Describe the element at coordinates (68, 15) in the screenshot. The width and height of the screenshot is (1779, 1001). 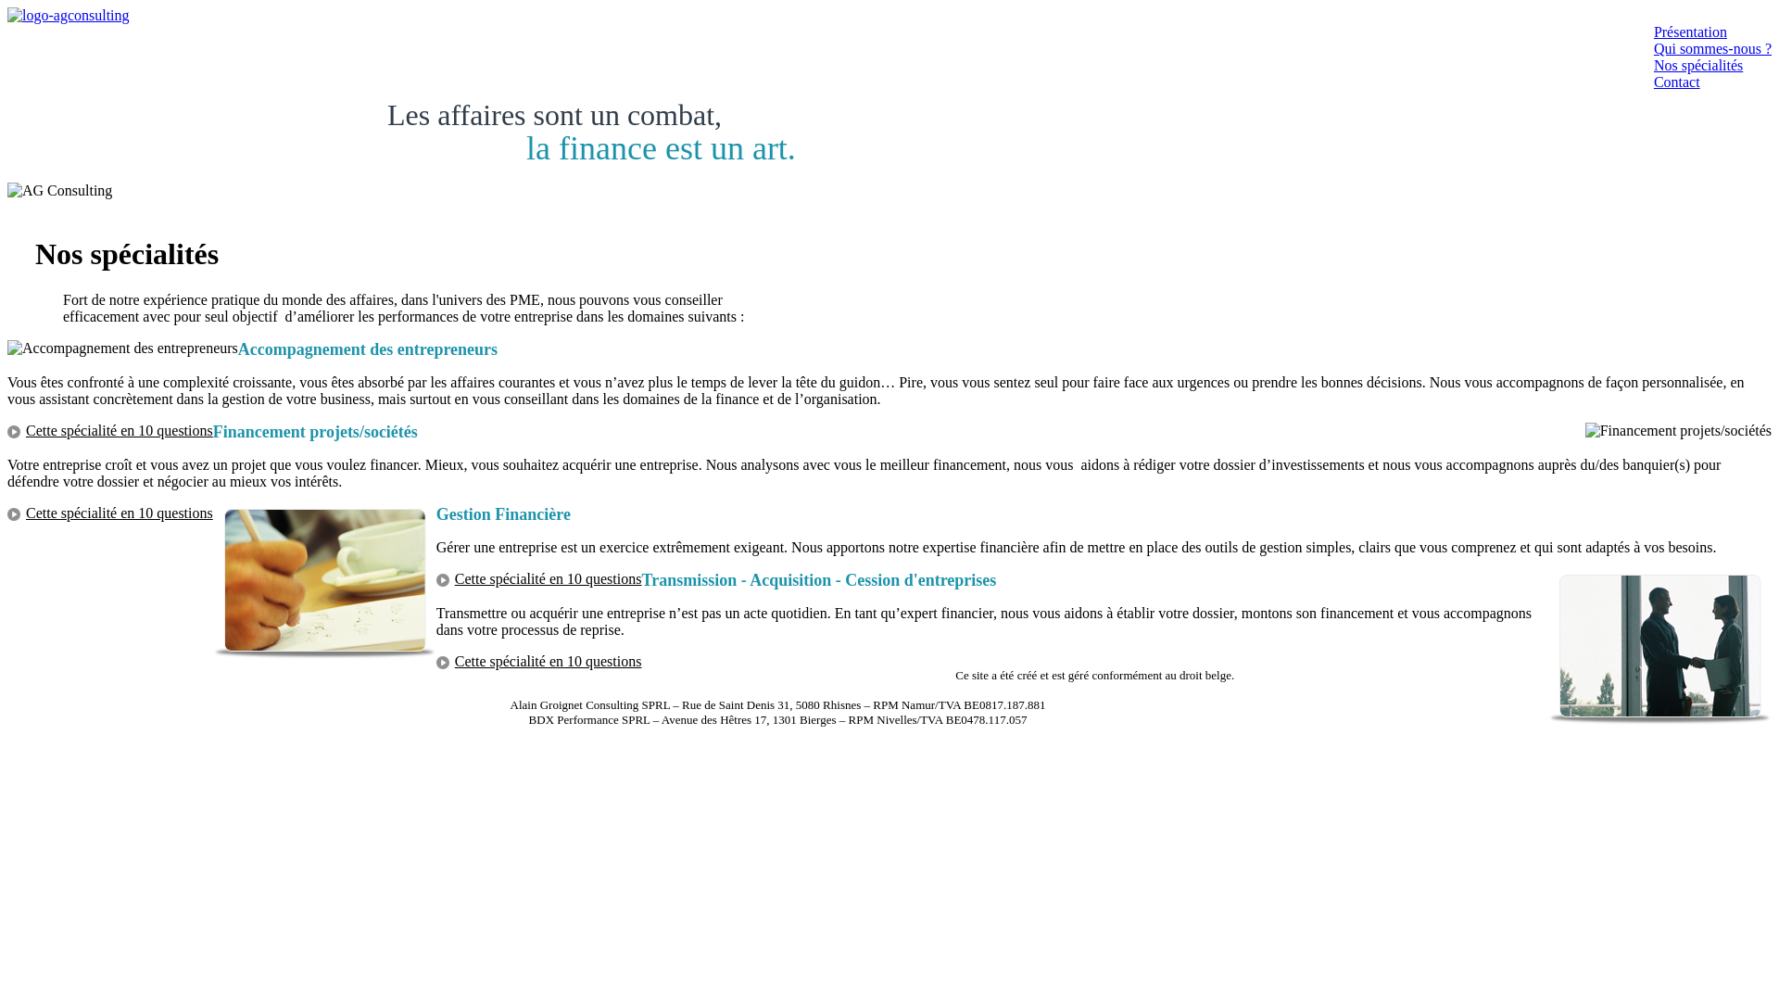
I see `'AG Consulting'` at that location.